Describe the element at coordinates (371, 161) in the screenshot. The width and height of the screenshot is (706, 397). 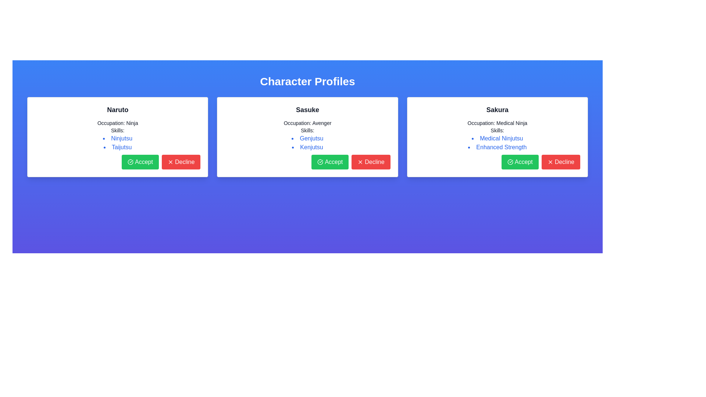
I see `the decline button located in the bottom-right corner of the card layout` at that location.